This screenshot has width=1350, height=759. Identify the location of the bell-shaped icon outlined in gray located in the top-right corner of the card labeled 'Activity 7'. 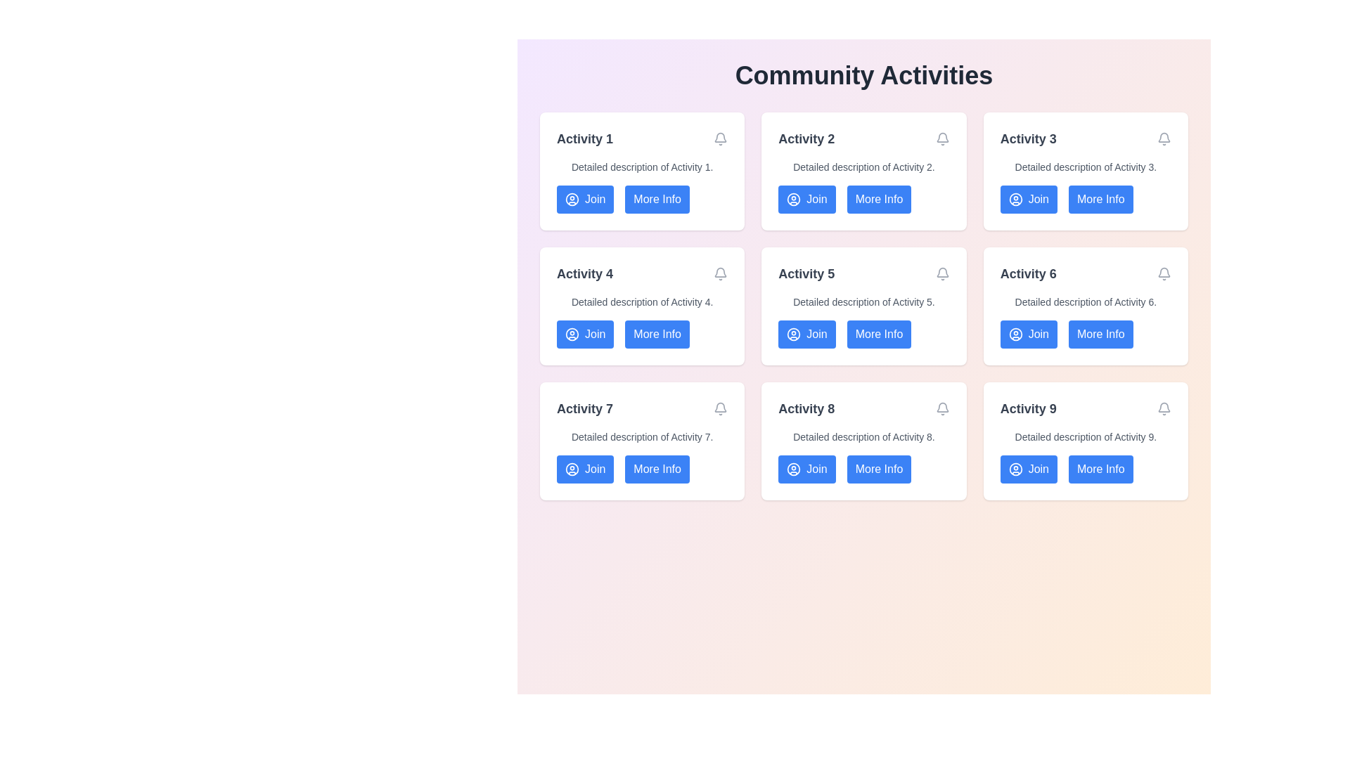
(721, 406).